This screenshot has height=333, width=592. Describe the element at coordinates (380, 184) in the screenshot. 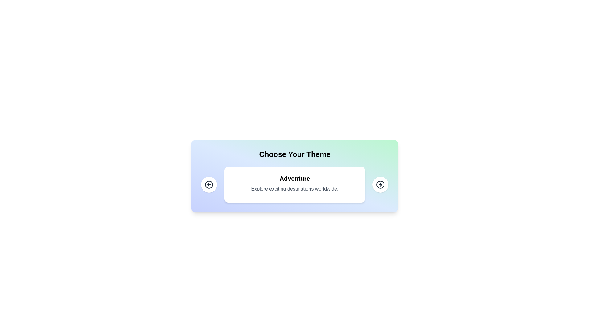

I see `the right arrow button to navigate to the next card` at that location.